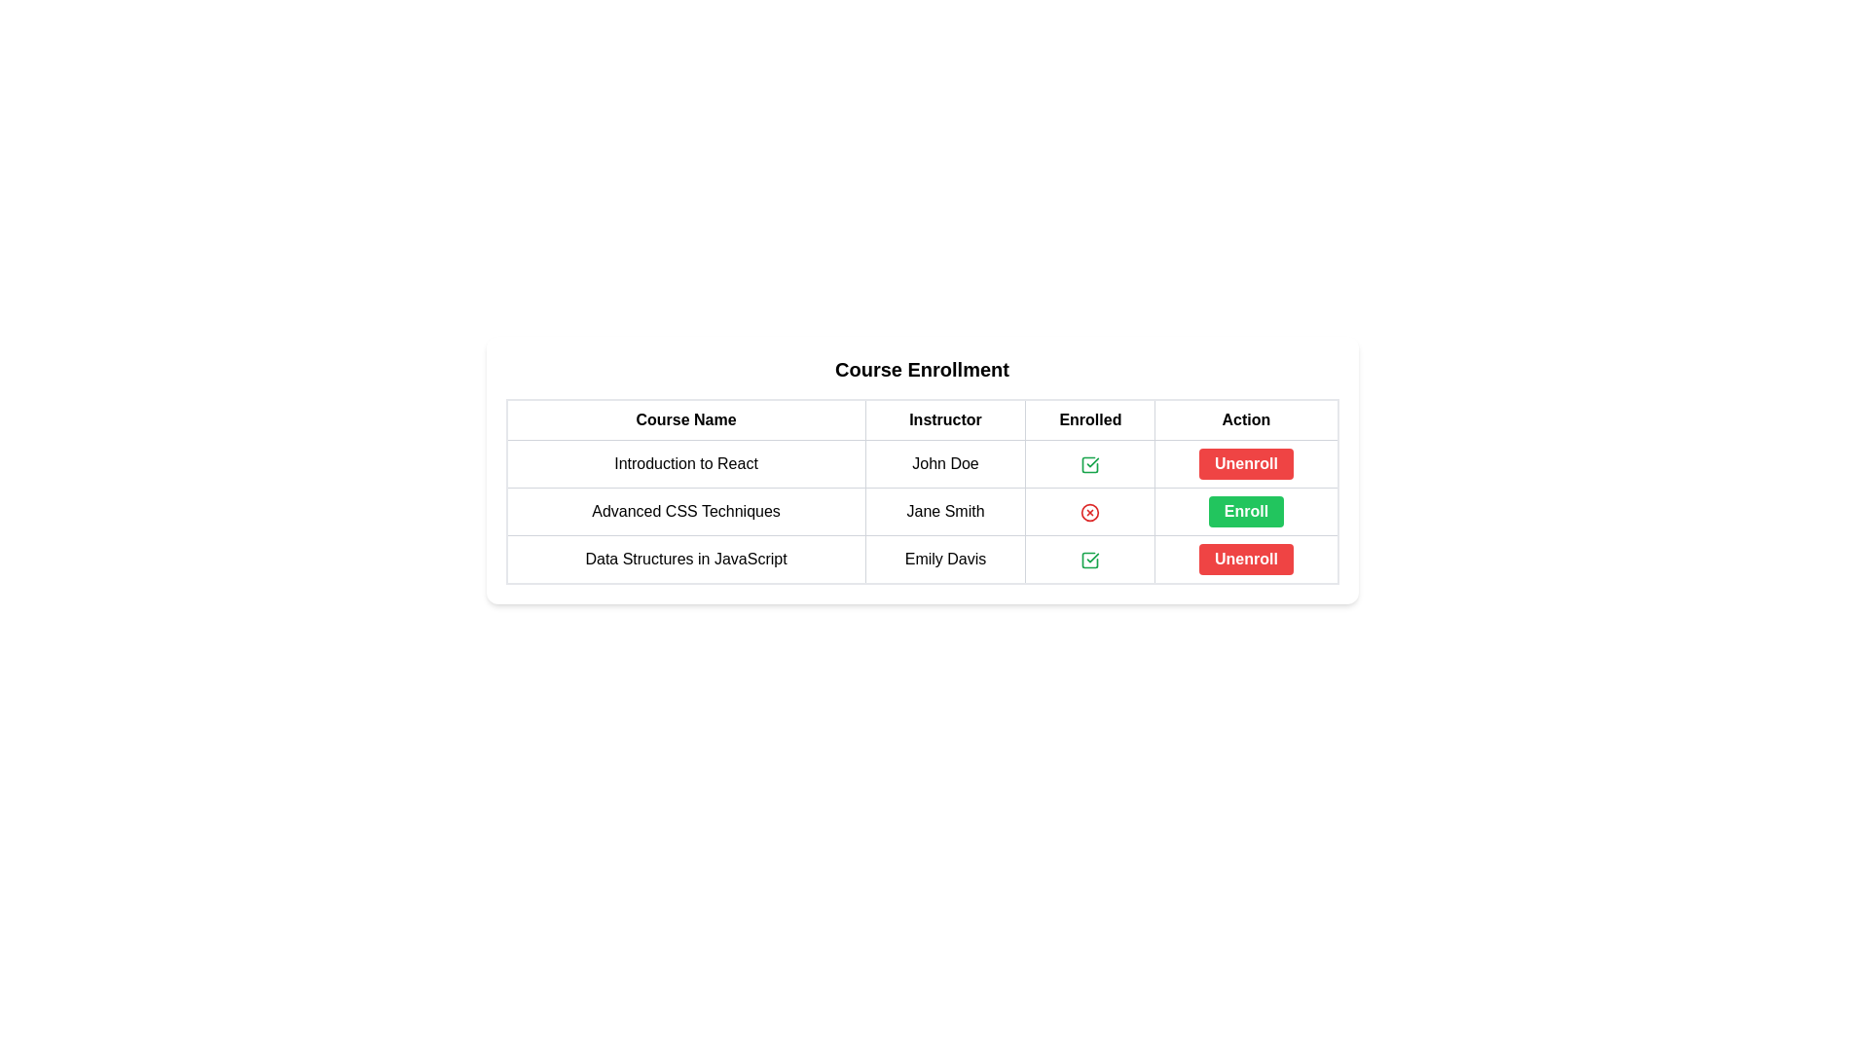 The width and height of the screenshot is (1869, 1051). Describe the element at coordinates (1090, 464) in the screenshot. I see `the green outlined square icon with a checkmark located in the 'Enrolled' column for 'Data Structures in JavaScript'` at that location.